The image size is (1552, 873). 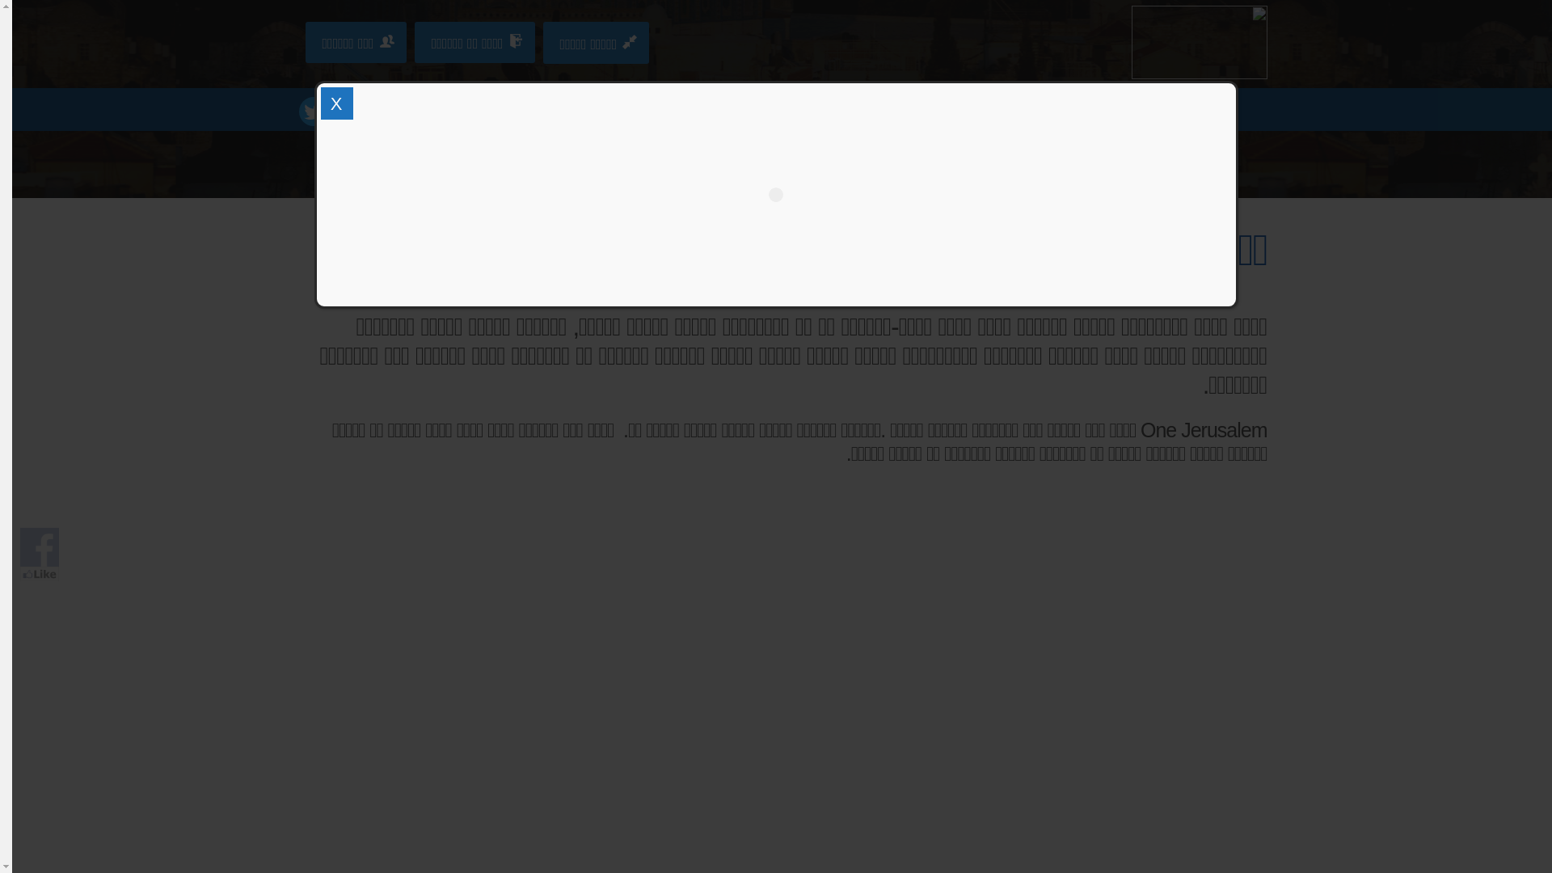 What do you see at coordinates (335, 103) in the screenshot?
I see `'X'` at bounding box center [335, 103].